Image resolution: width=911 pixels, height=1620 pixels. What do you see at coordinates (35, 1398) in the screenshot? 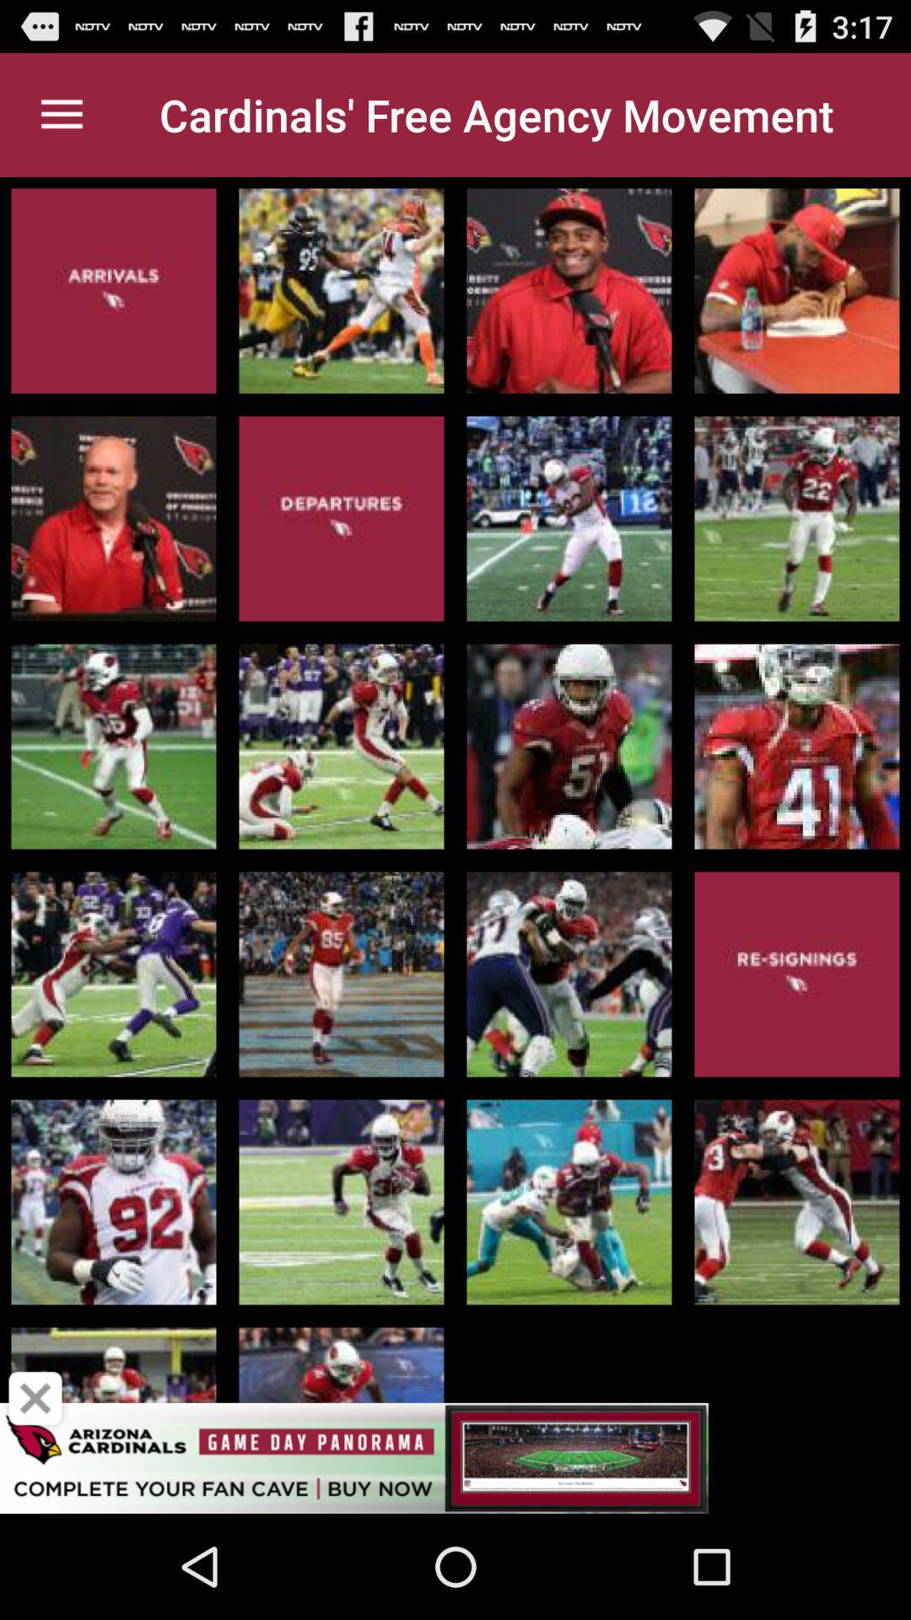
I see `close` at bounding box center [35, 1398].